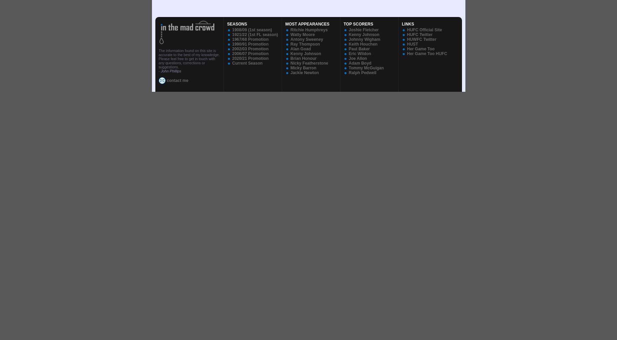 The image size is (617, 340). Describe the element at coordinates (250, 39) in the screenshot. I see `'1967/68 Promotion'` at that location.